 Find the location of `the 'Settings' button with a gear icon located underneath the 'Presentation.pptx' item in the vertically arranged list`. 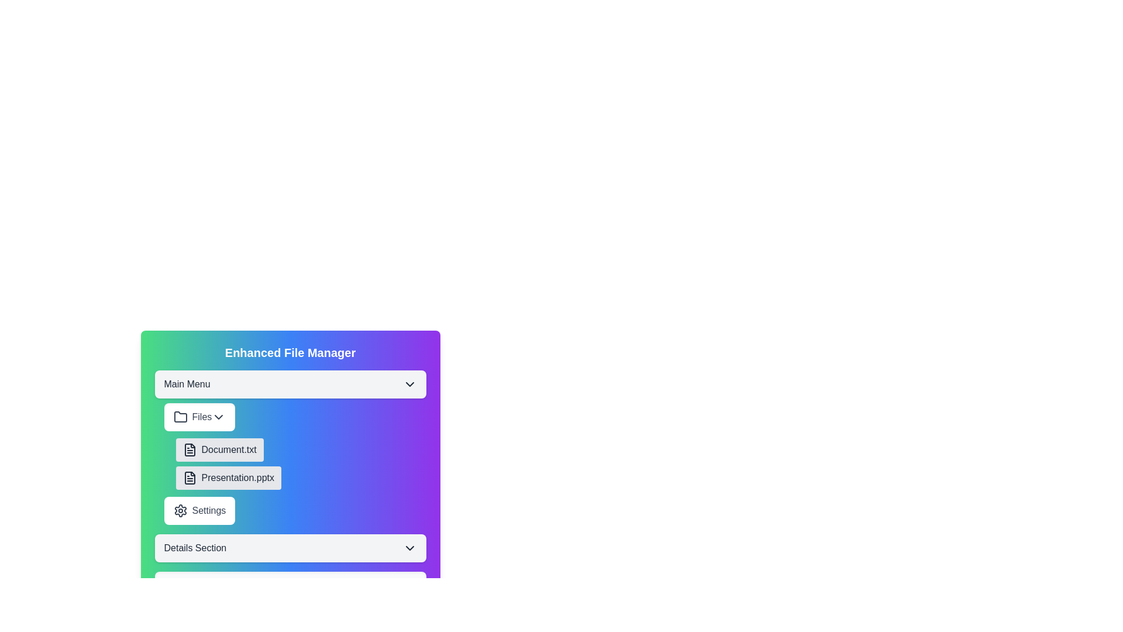

the 'Settings' button with a gear icon located underneath the 'Presentation.pptx' item in the vertically arranged list is located at coordinates (199, 510).